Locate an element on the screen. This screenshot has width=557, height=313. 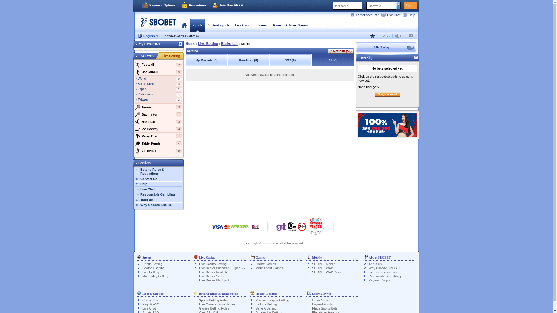
'Live Chat' is located at coordinates (147, 189).